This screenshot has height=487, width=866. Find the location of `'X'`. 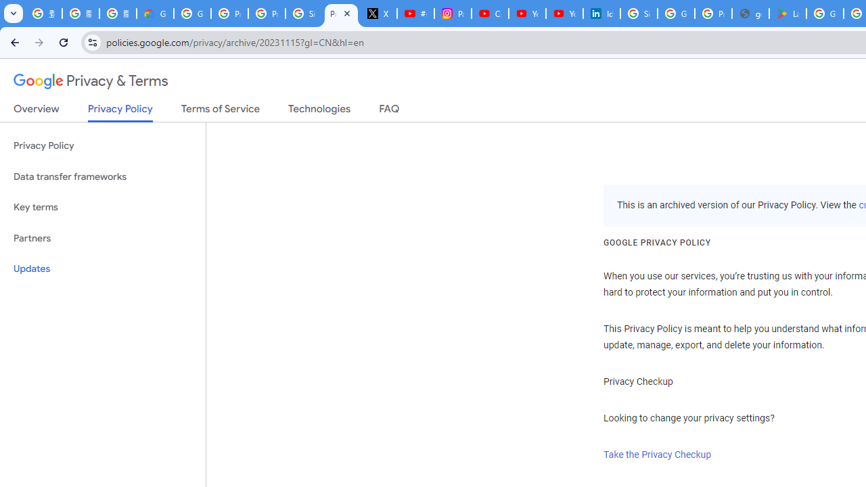

'X' is located at coordinates (379, 14).